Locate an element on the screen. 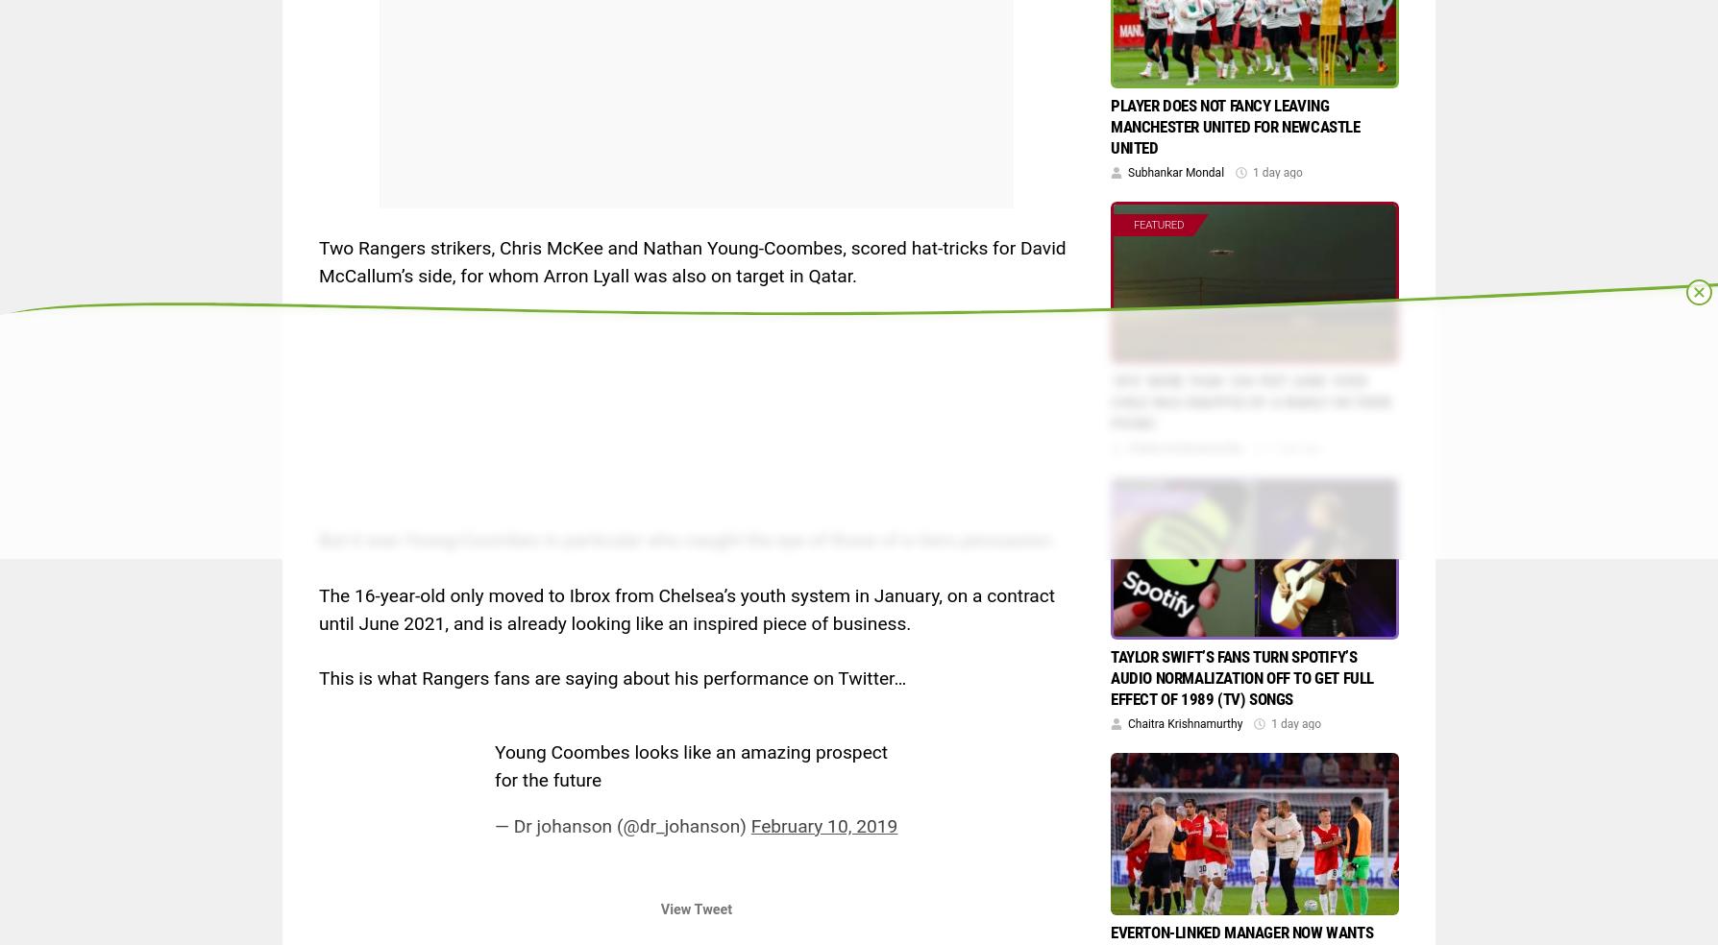 The height and width of the screenshot is (945, 1718). 'Player does not fancy leaving Manchester United for Newcastle United' is located at coordinates (1234, 126).